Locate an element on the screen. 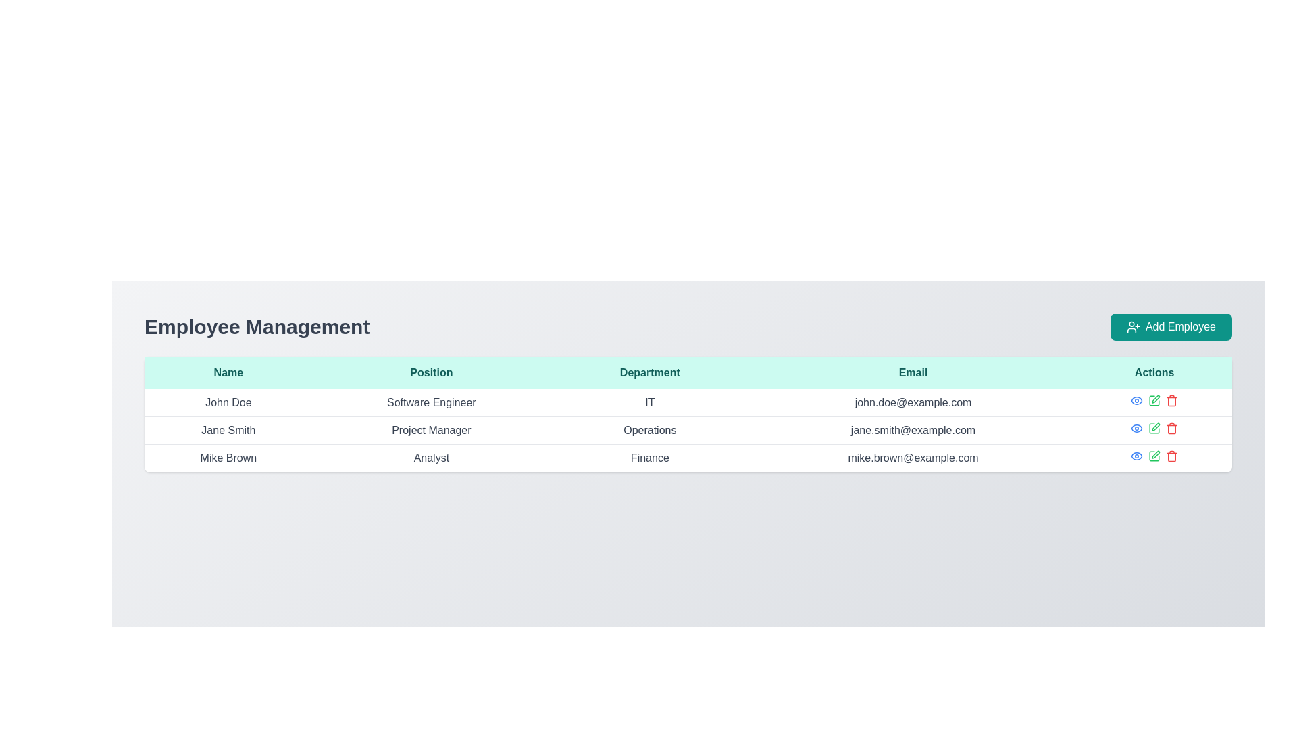 The width and height of the screenshot is (1297, 730). the text label displaying 'jane.smith@example.com' located in the second row of the table under the 'Email' column, positioned between 'Operations' and the action buttons is located at coordinates (913, 430).